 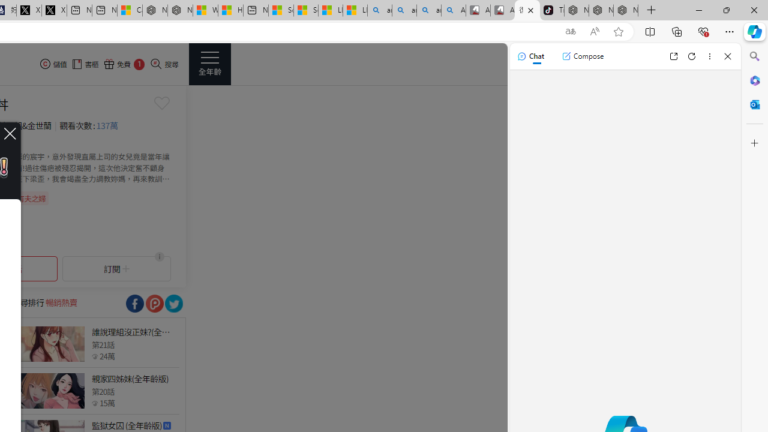 What do you see at coordinates (502, 10) in the screenshot?
I see `'All Cubot phones'` at bounding box center [502, 10].